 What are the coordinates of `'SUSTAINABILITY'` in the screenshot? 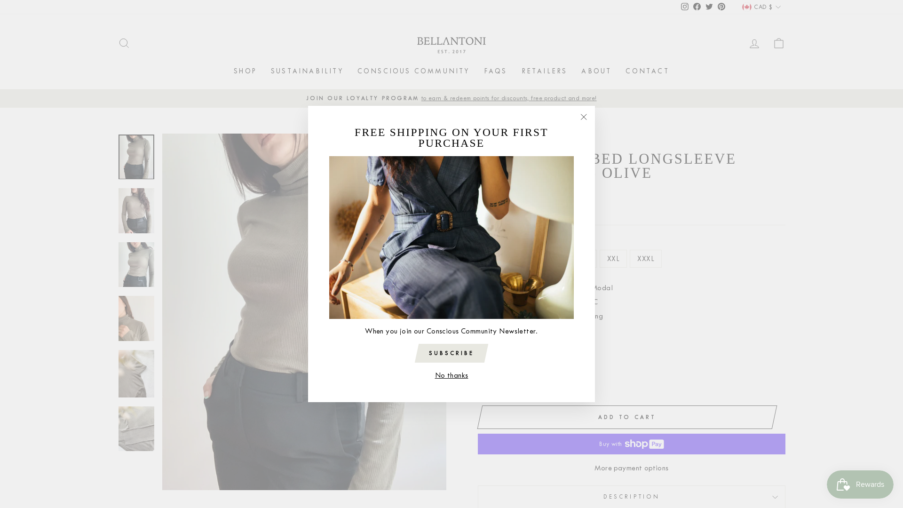 It's located at (307, 71).